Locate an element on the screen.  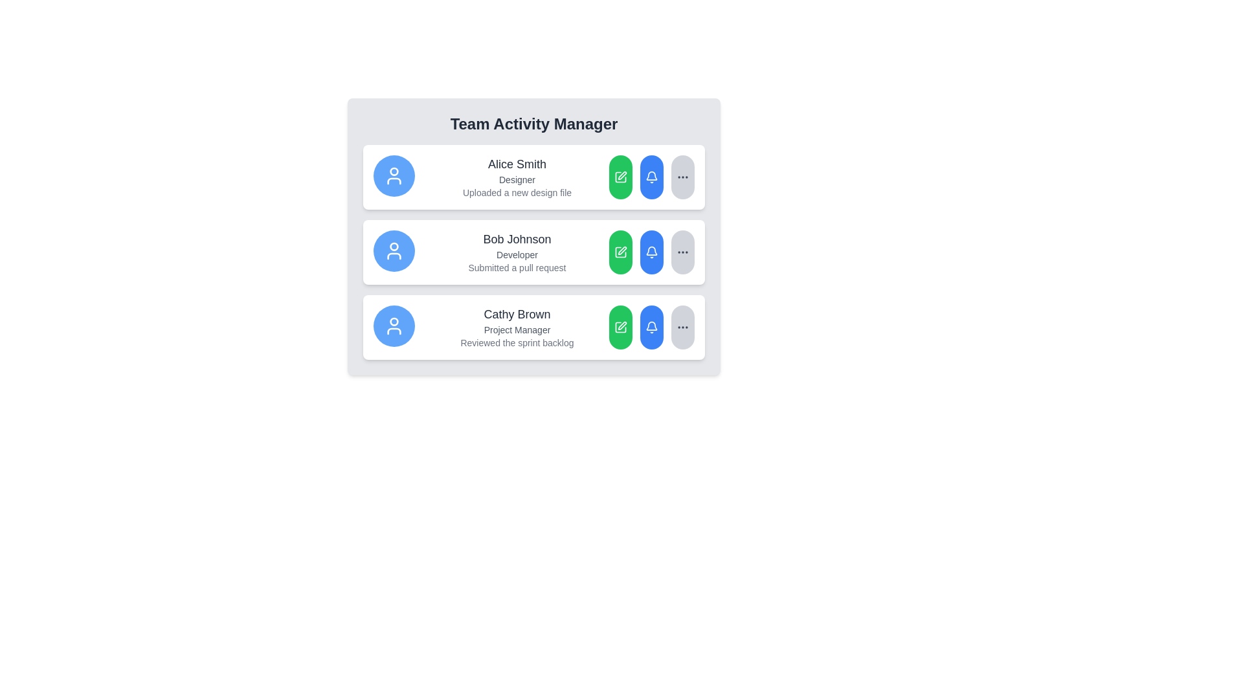
the options menu button, which is a round button with a light gray background and three vertically aligned dots, located on the right side of Bob Johnson's record in the Team Activity Manager interface is located at coordinates (682, 252).